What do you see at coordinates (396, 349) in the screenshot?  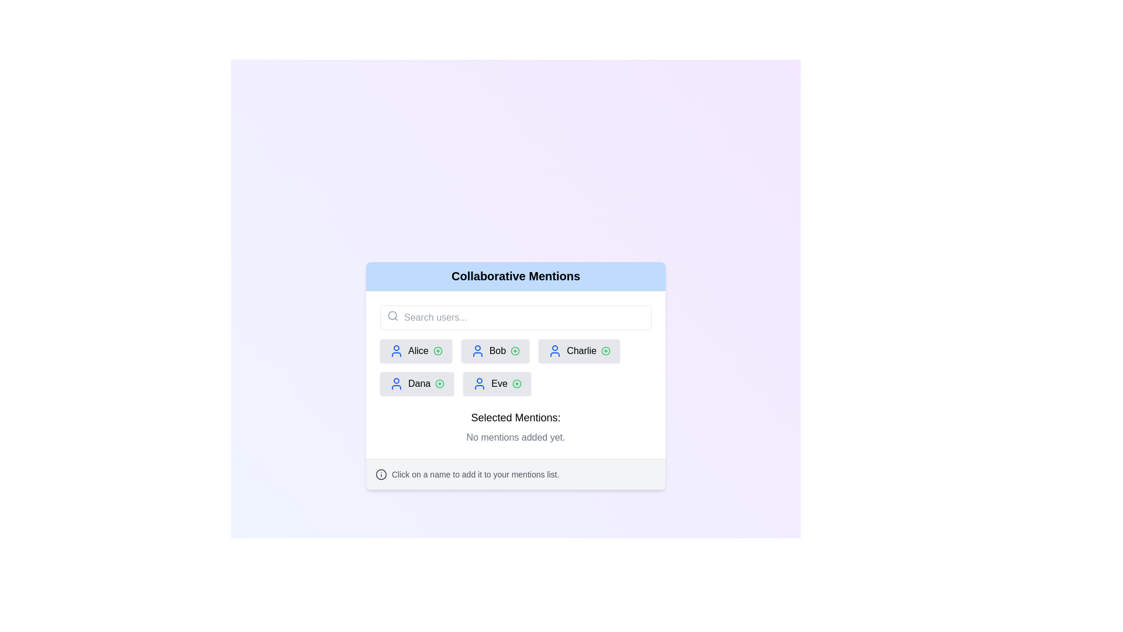 I see `the user profile icon for 'Alice', which is a blue circular head and shoulders icon located to the left of the name 'Alice' in the mentions interface` at bounding box center [396, 349].